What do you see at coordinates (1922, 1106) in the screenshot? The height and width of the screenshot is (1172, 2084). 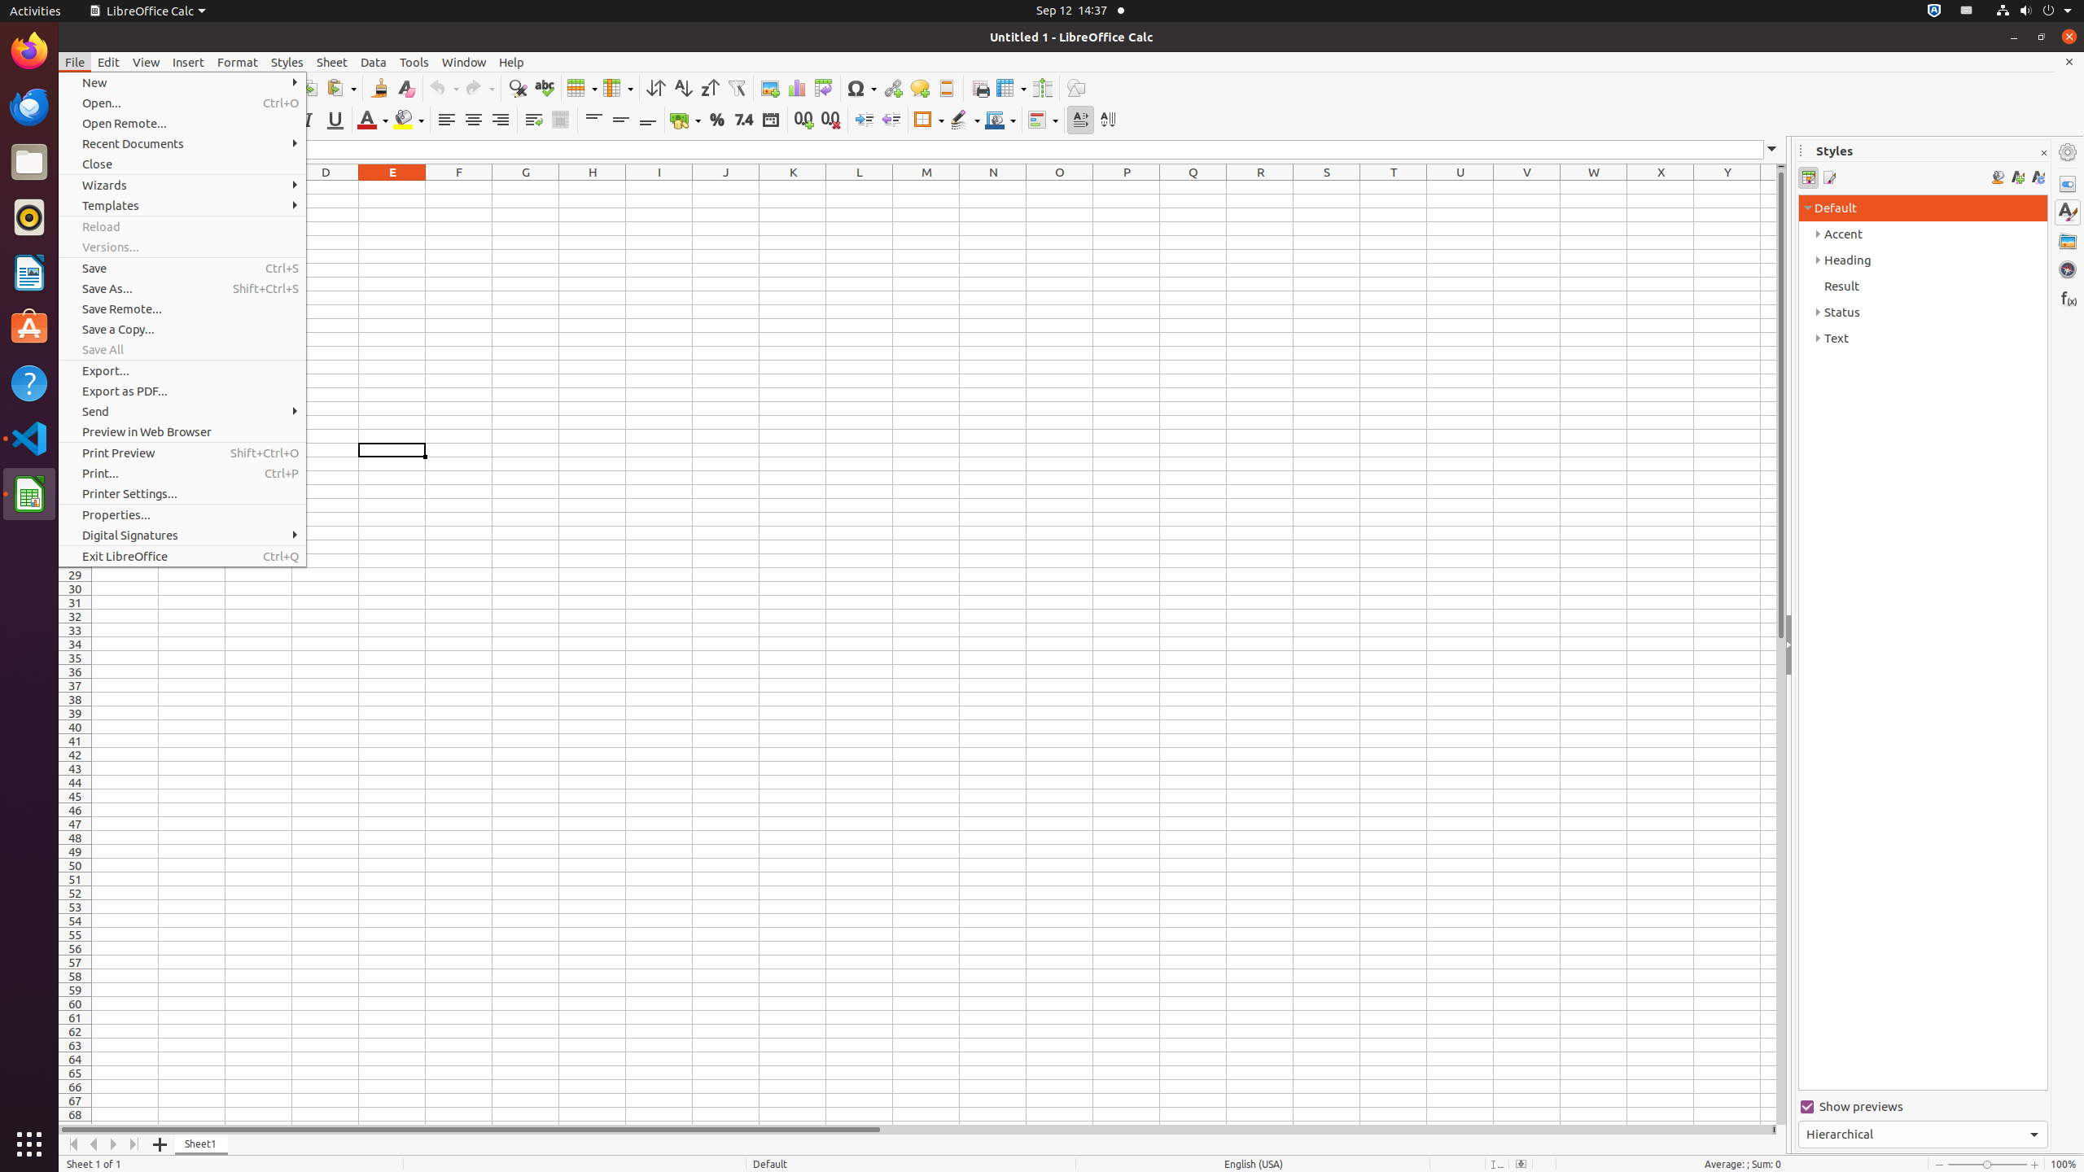 I see `'Show previews'` at bounding box center [1922, 1106].